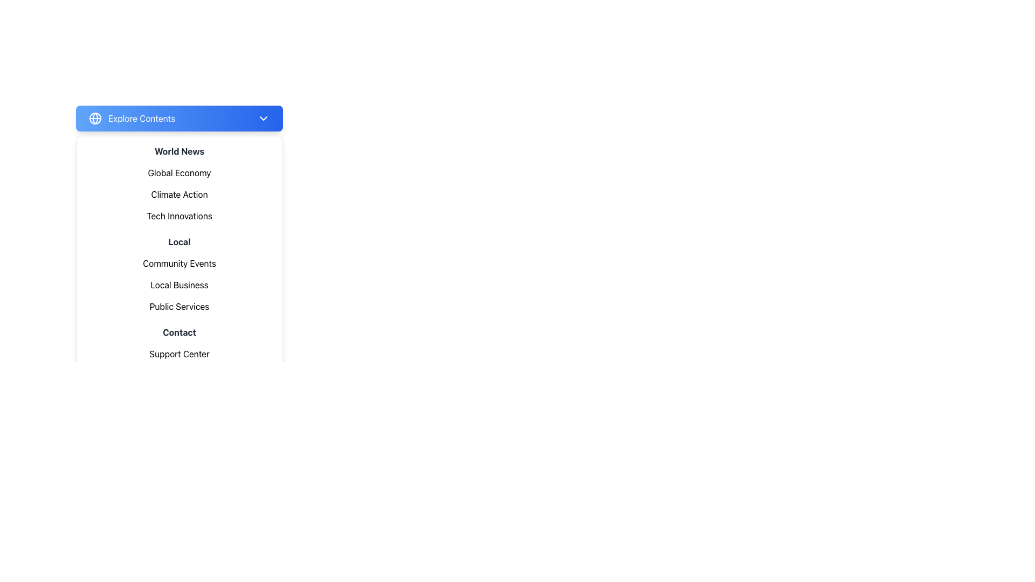 The image size is (1035, 582). What do you see at coordinates (179, 241) in the screenshot?
I see `the bold text label 'Local' which is styled in black font against a white background, positioned as the fourth heading in a vertical list within a dropdown-style menu box` at bounding box center [179, 241].